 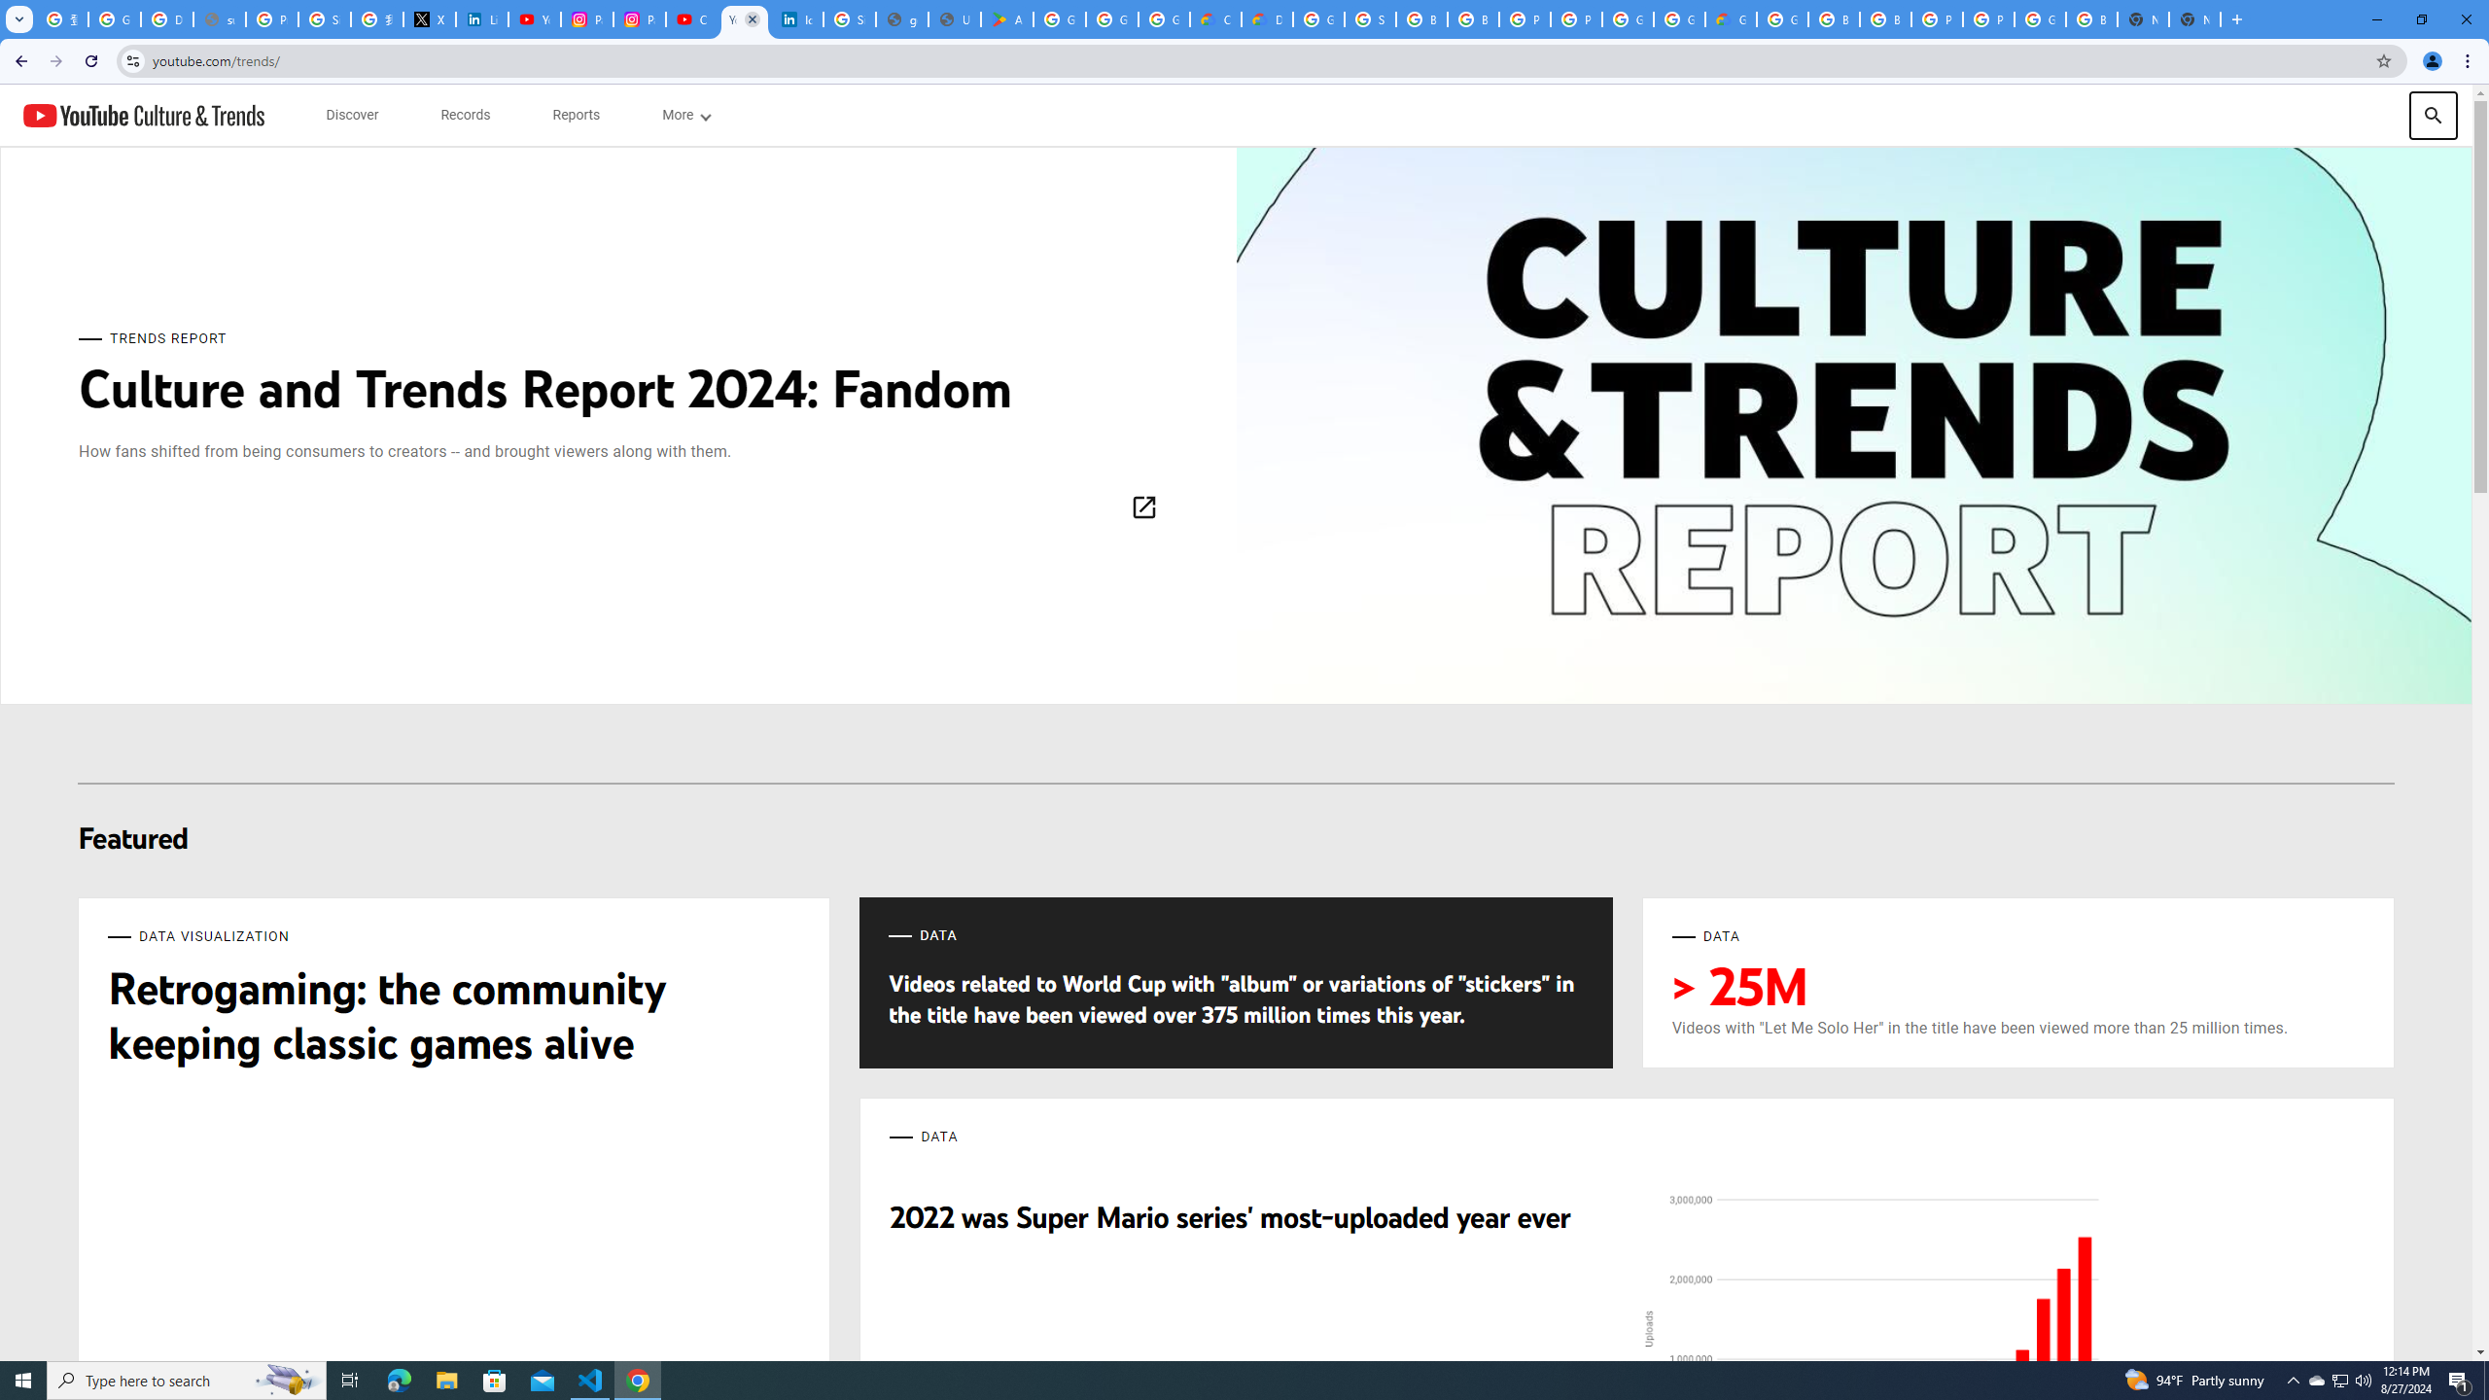 What do you see at coordinates (352, 115) in the screenshot?
I see `'subnav-Discover menupopup'` at bounding box center [352, 115].